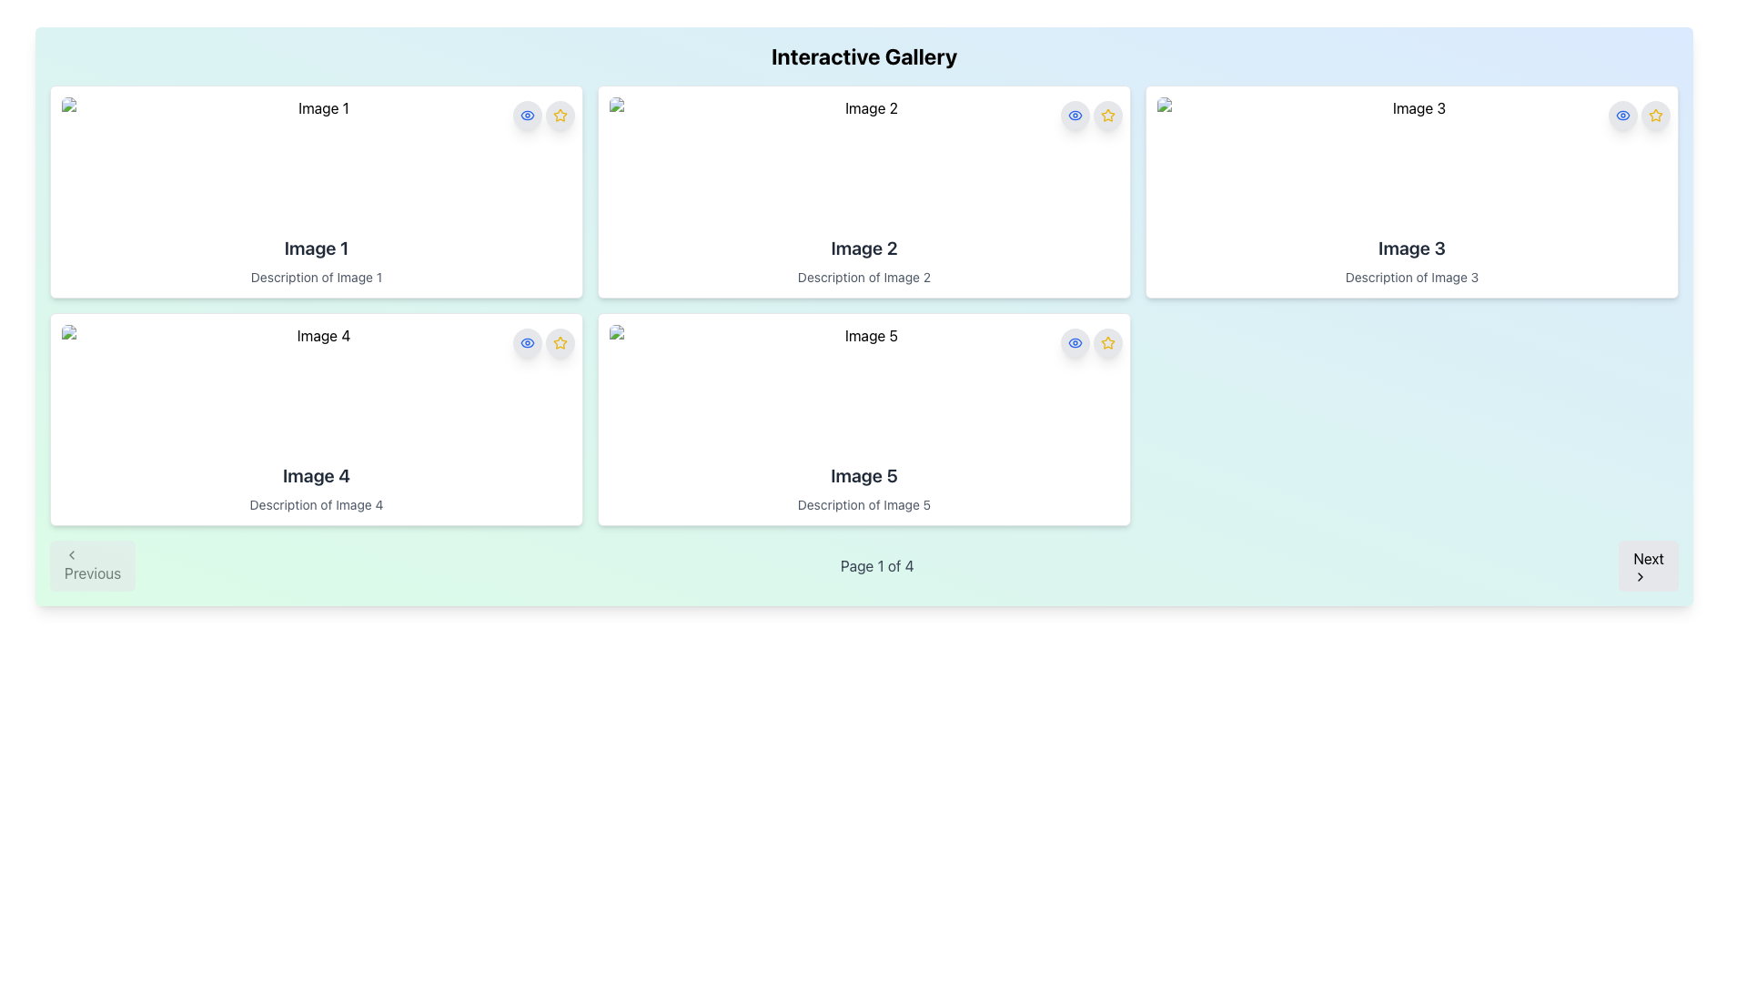  Describe the element at coordinates (316, 505) in the screenshot. I see `descriptive text label located beneath the title 'Image 4' in the fourth image's gallery item` at that location.